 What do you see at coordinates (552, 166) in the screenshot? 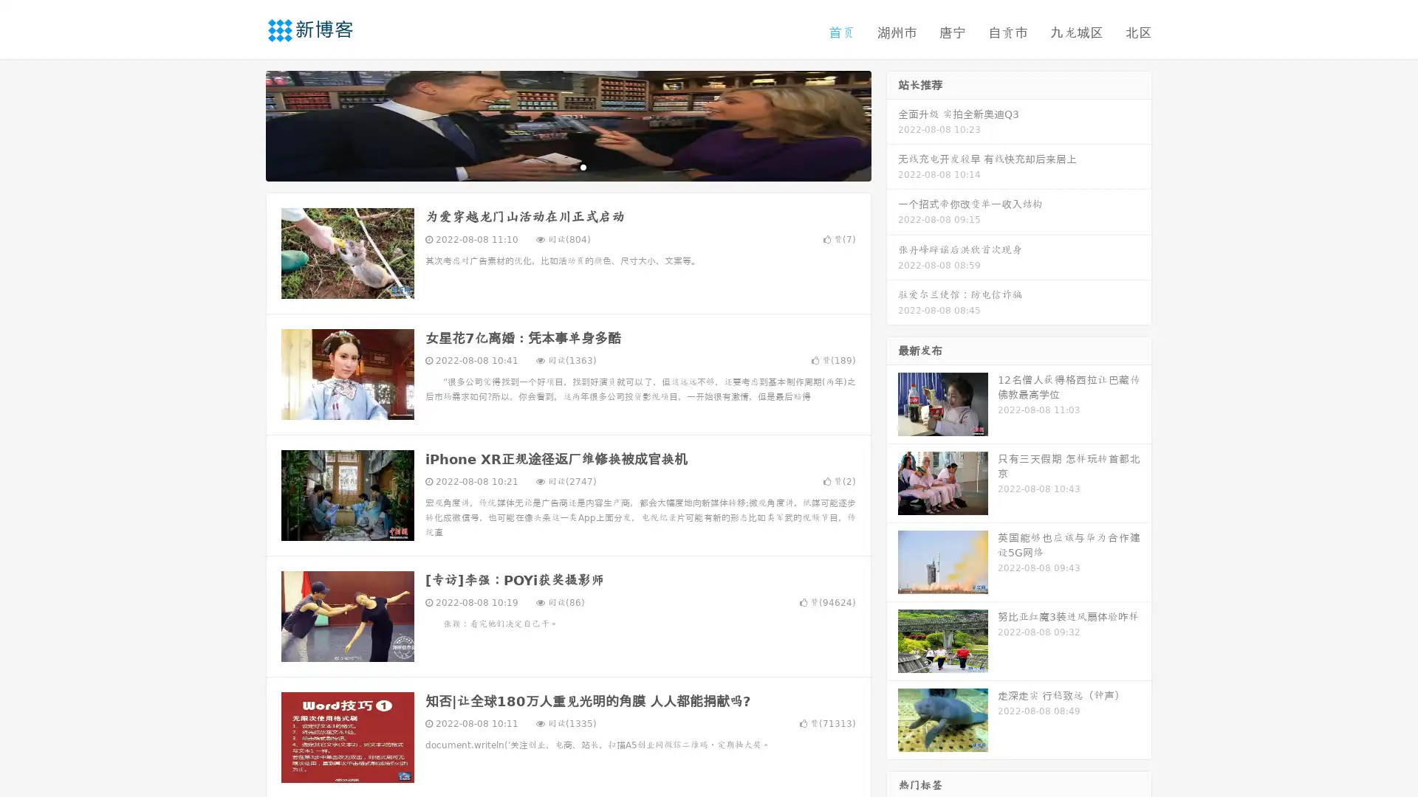
I see `Go to slide 1` at bounding box center [552, 166].